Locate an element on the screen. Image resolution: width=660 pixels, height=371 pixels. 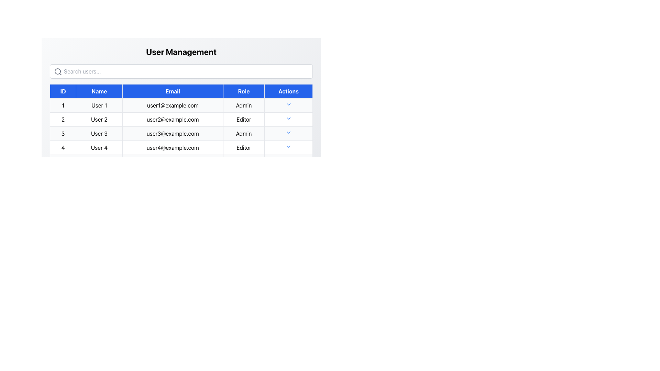
the Label displaying 'User 4' in the fourth row of the 'Name' column, styled with a table cell-like appearance is located at coordinates (99, 147).